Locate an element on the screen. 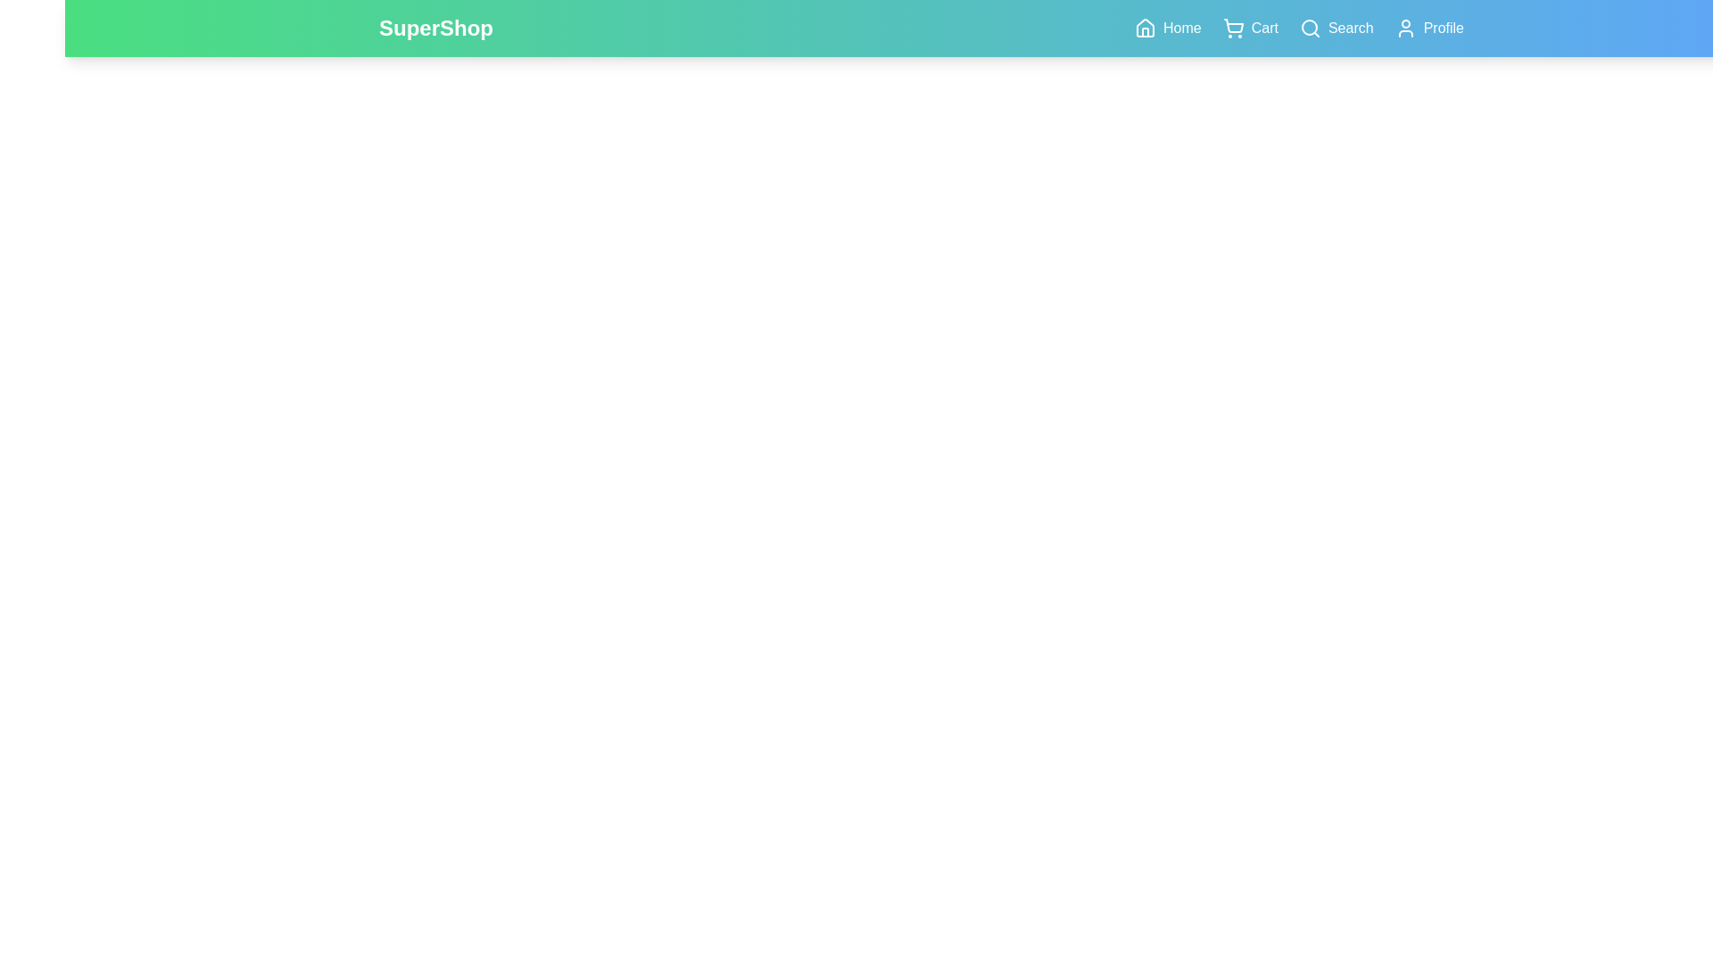 The image size is (1713, 963). the Text label for the homepage navigation link located in the top horizontal navigation bar to possibly see additional effects is located at coordinates (1182, 28).